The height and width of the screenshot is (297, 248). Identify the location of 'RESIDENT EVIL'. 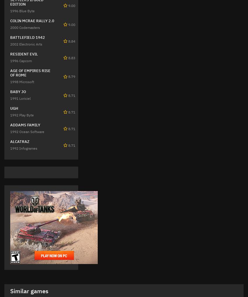
(24, 54).